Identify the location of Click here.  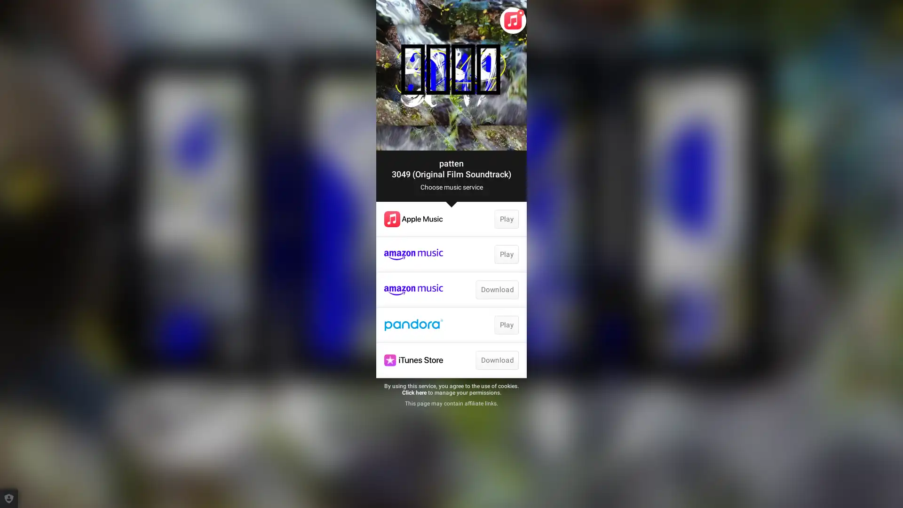
(413, 392).